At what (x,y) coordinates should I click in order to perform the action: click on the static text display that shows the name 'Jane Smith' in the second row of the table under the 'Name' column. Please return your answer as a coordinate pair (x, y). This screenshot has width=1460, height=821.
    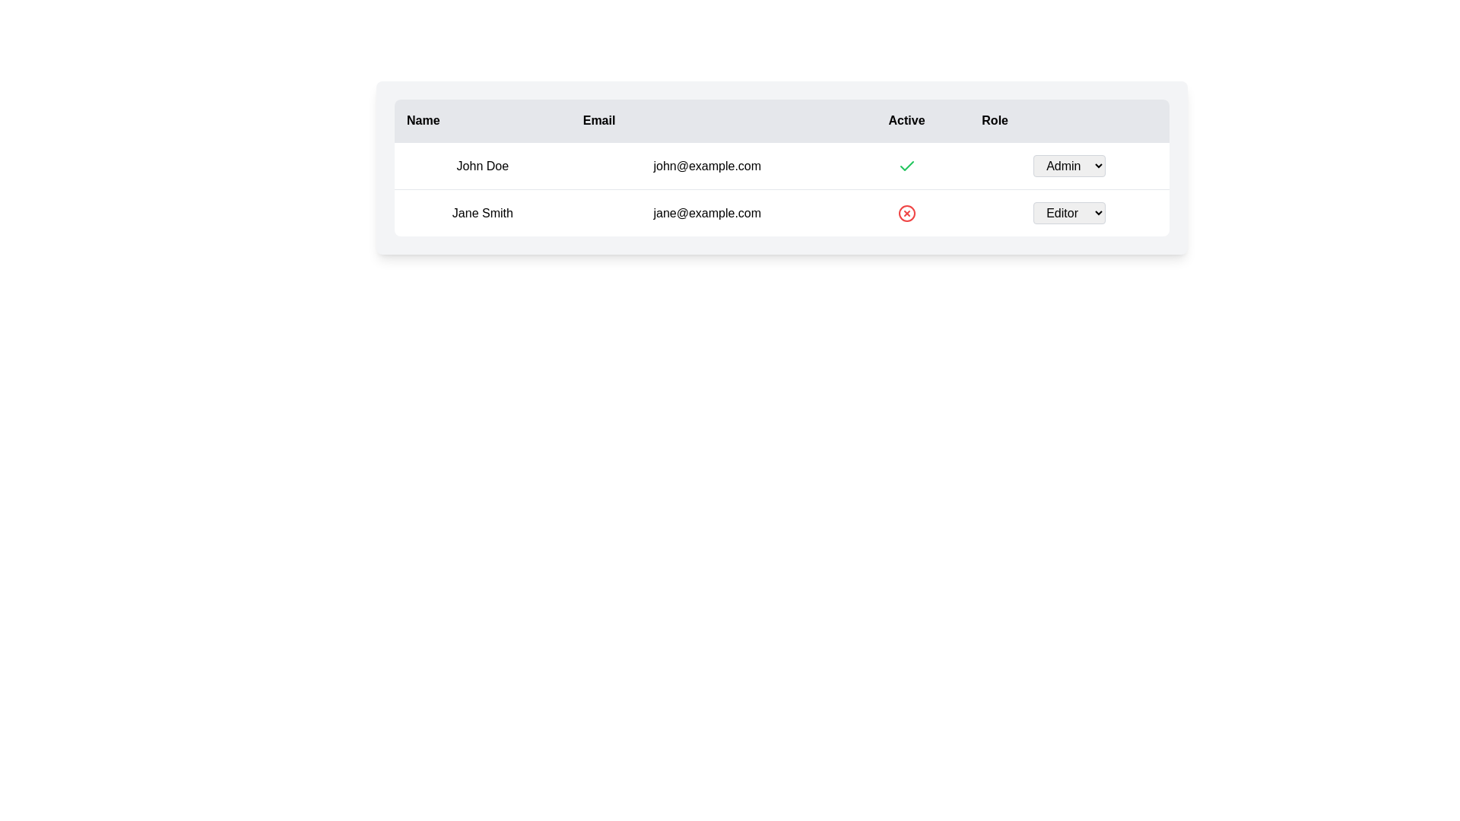
    Looking at the image, I should click on (481, 213).